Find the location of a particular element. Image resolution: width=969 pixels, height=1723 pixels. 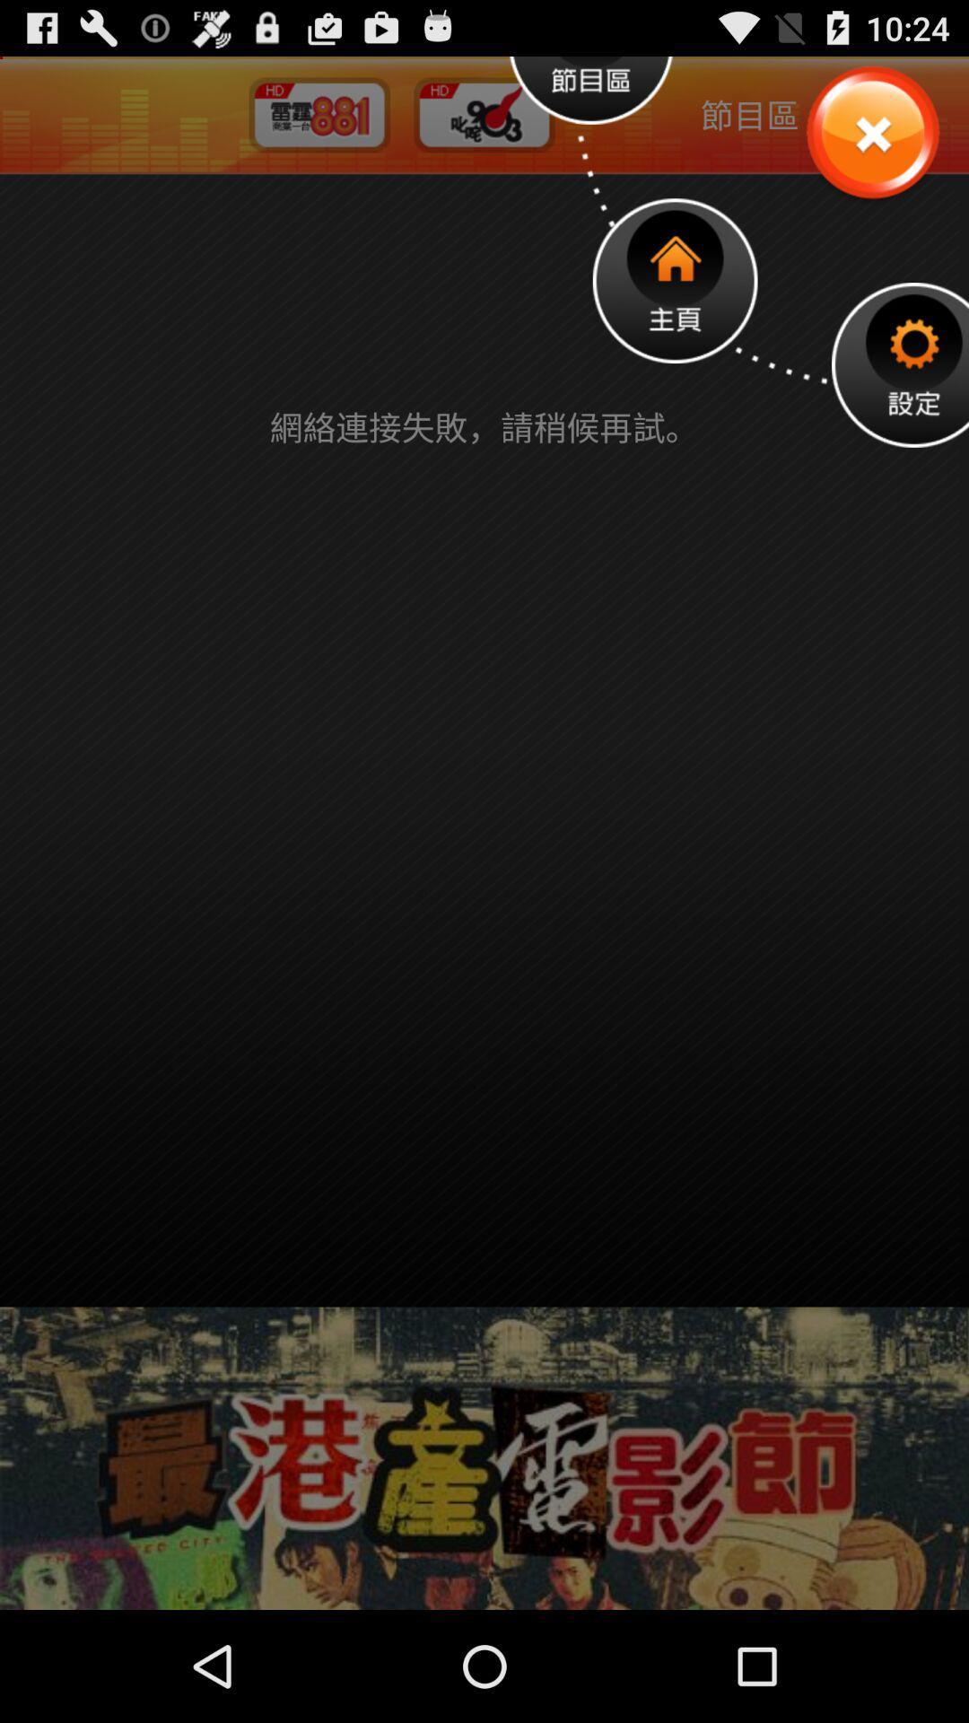

actualidad para todos is located at coordinates (871, 133).